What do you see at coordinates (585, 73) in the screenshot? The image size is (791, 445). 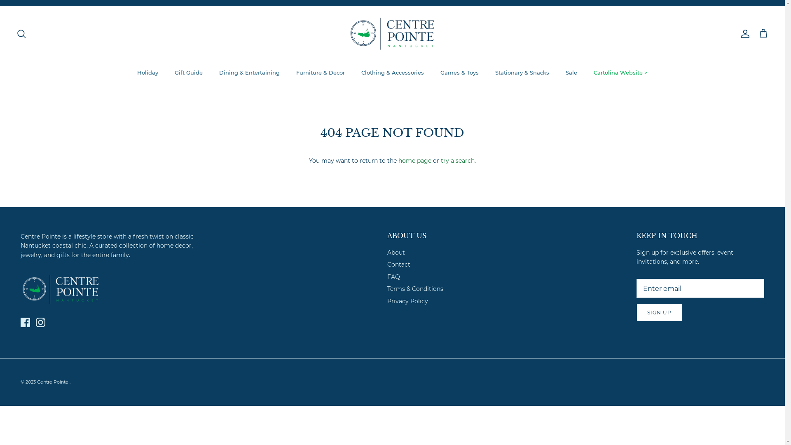 I see `'Cartolina Website >'` at bounding box center [585, 73].